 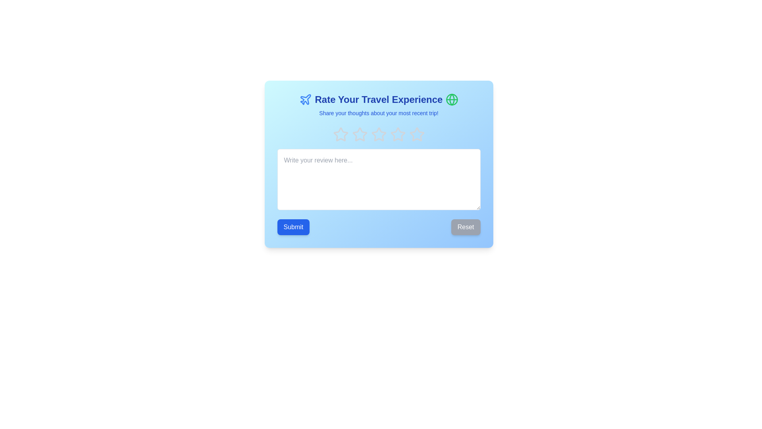 What do you see at coordinates (378, 99) in the screenshot?
I see `the Header section containing the bold text 'Rate Your Travel Experience' with blue styling and flanked by a plane icon and a globe icon` at bounding box center [378, 99].